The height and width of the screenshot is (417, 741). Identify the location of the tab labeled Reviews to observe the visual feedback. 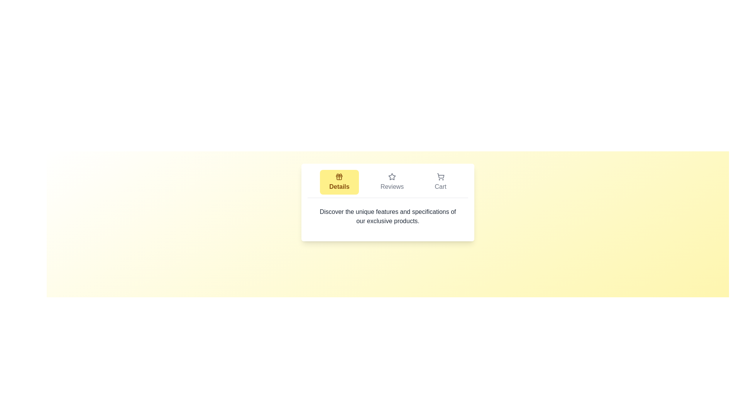
(392, 182).